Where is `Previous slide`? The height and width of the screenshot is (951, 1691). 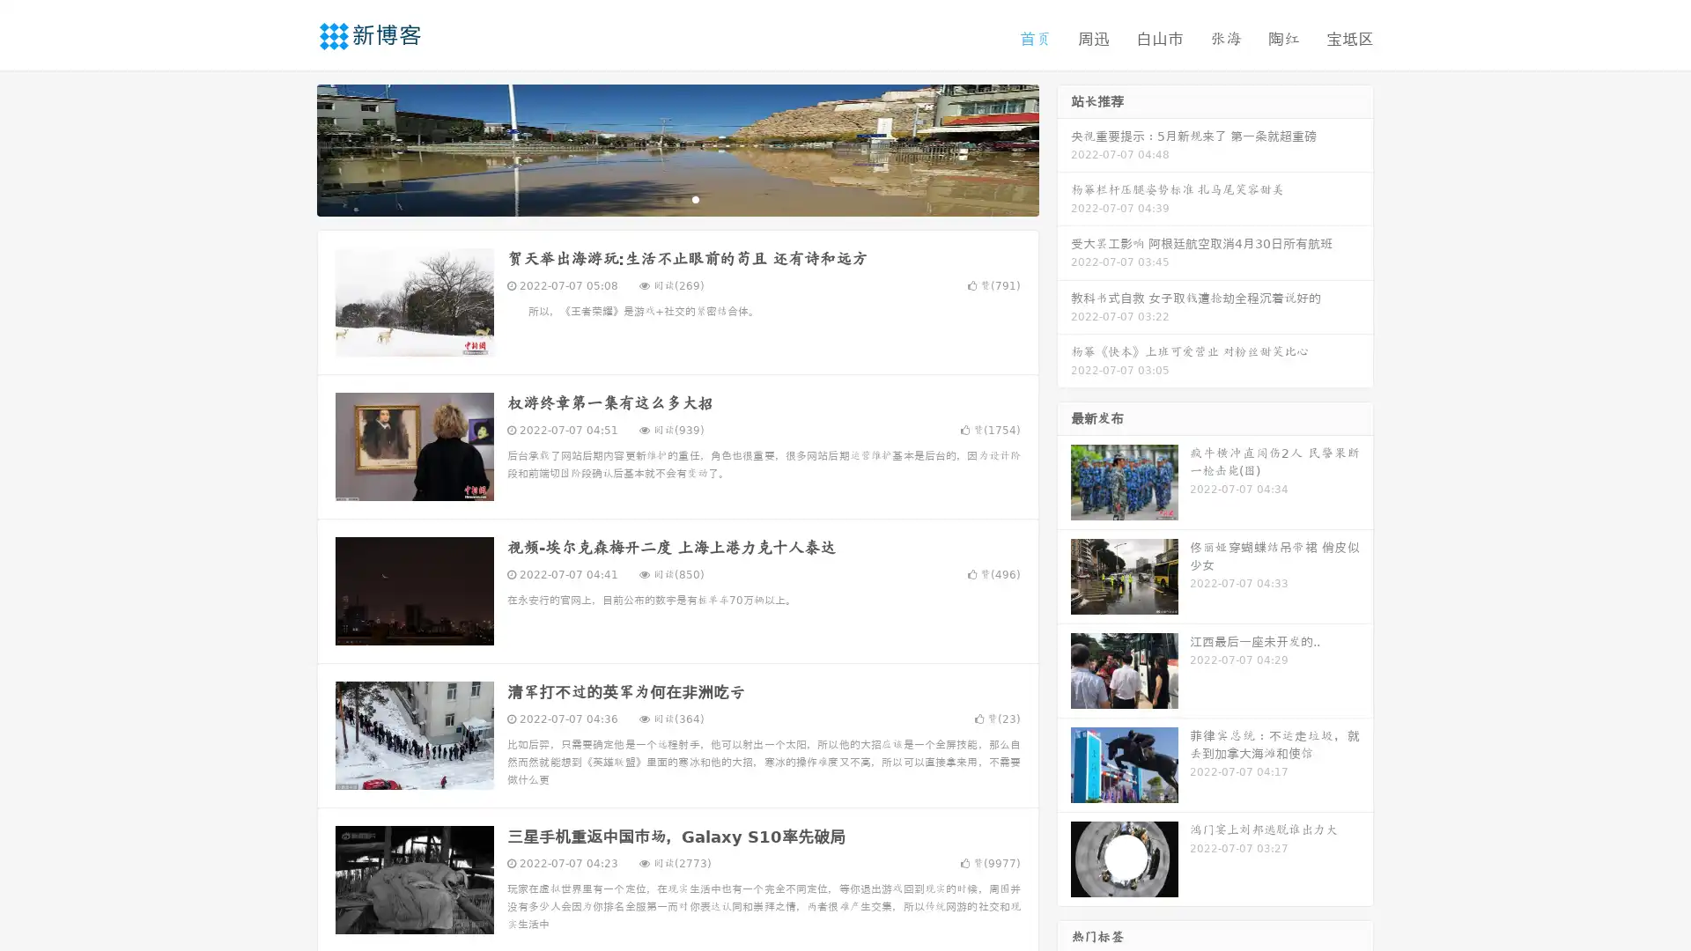 Previous slide is located at coordinates (291, 148).